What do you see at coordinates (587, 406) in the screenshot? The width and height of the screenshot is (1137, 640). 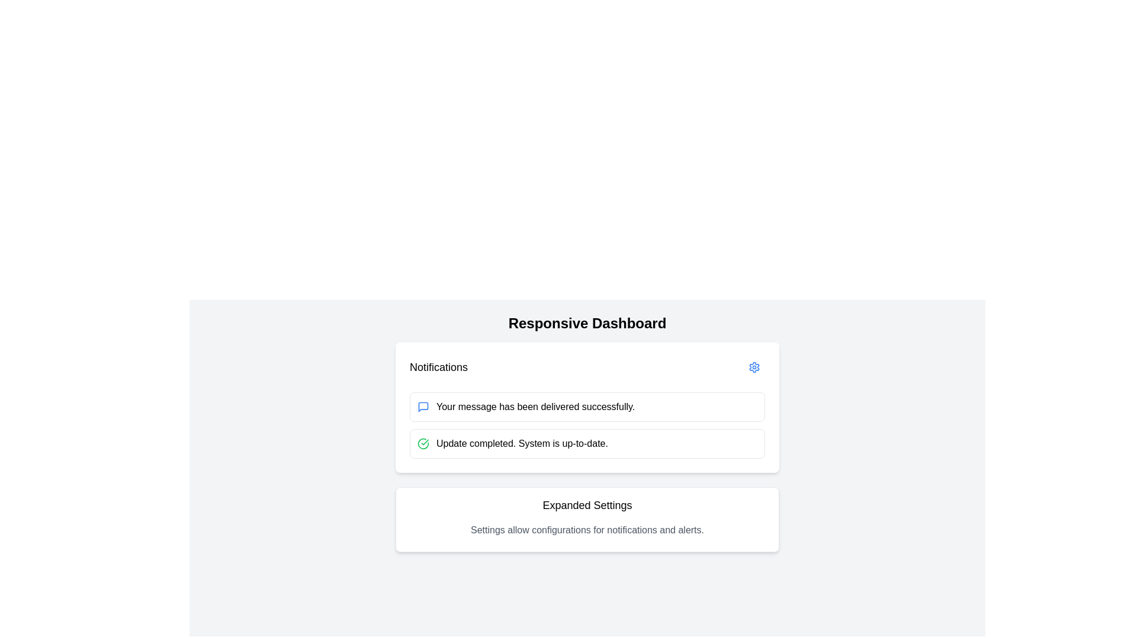 I see `the first notification in the Notifications section that indicates a successful message delivery` at bounding box center [587, 406].